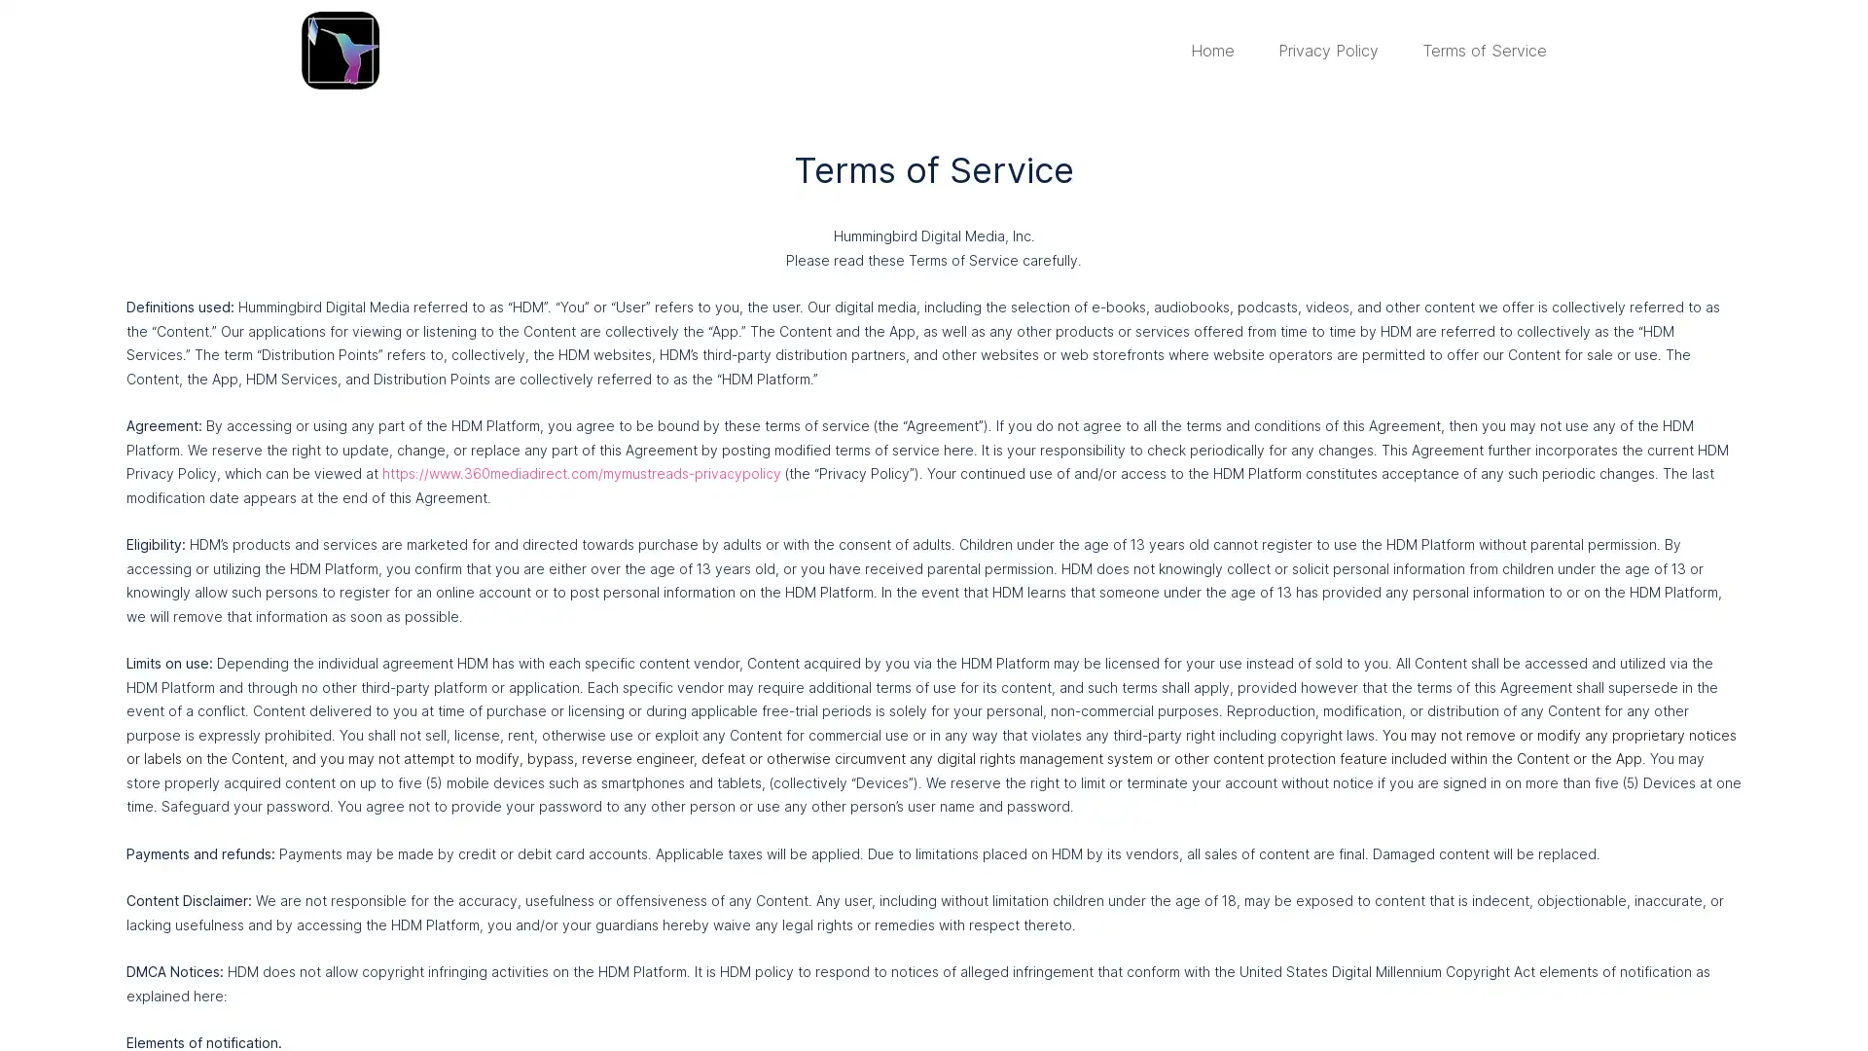  What do you see at coordinates (1499, 1008) in the screenshot?
I see `Accept Cookies` at bounding box center [1499, 1008].